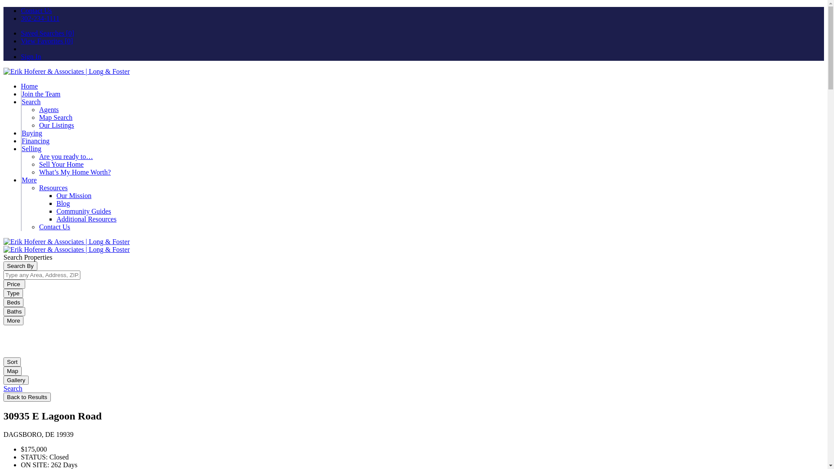  Describe the element at coordinates (53, 187) in the screenshot. I see `'Resources'` at that location.